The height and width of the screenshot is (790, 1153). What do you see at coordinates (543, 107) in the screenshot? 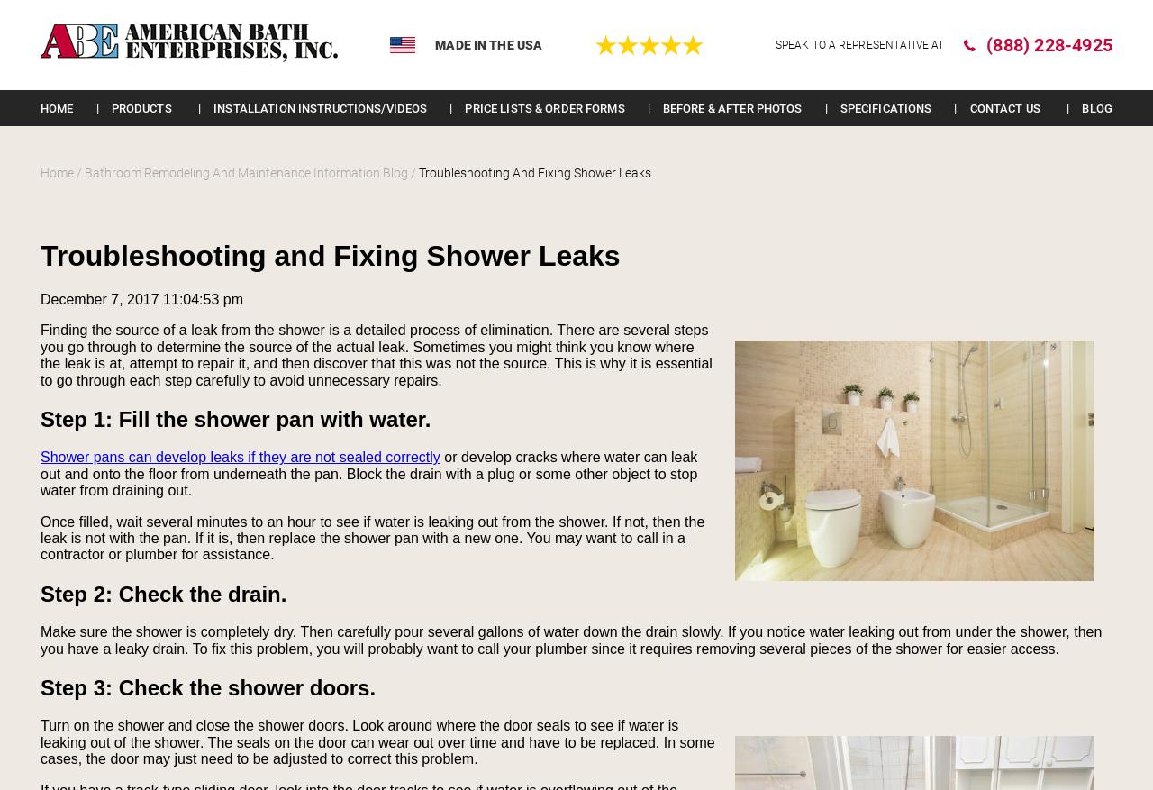
I see `'Price lists & order forms'` at bounding box center [543, 107].